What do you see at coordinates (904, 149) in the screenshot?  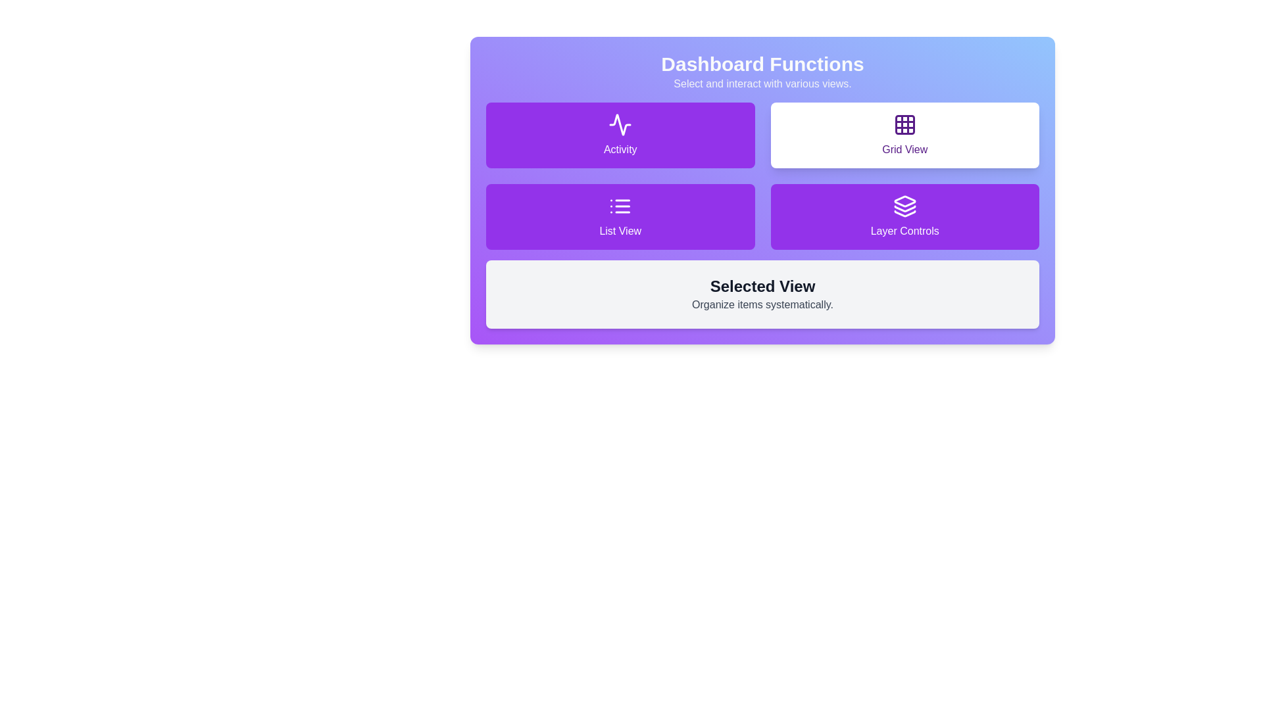 I see `the 'Grid View' label text element that indicates the function of the corresponding button` at bounding box center [904, 149].